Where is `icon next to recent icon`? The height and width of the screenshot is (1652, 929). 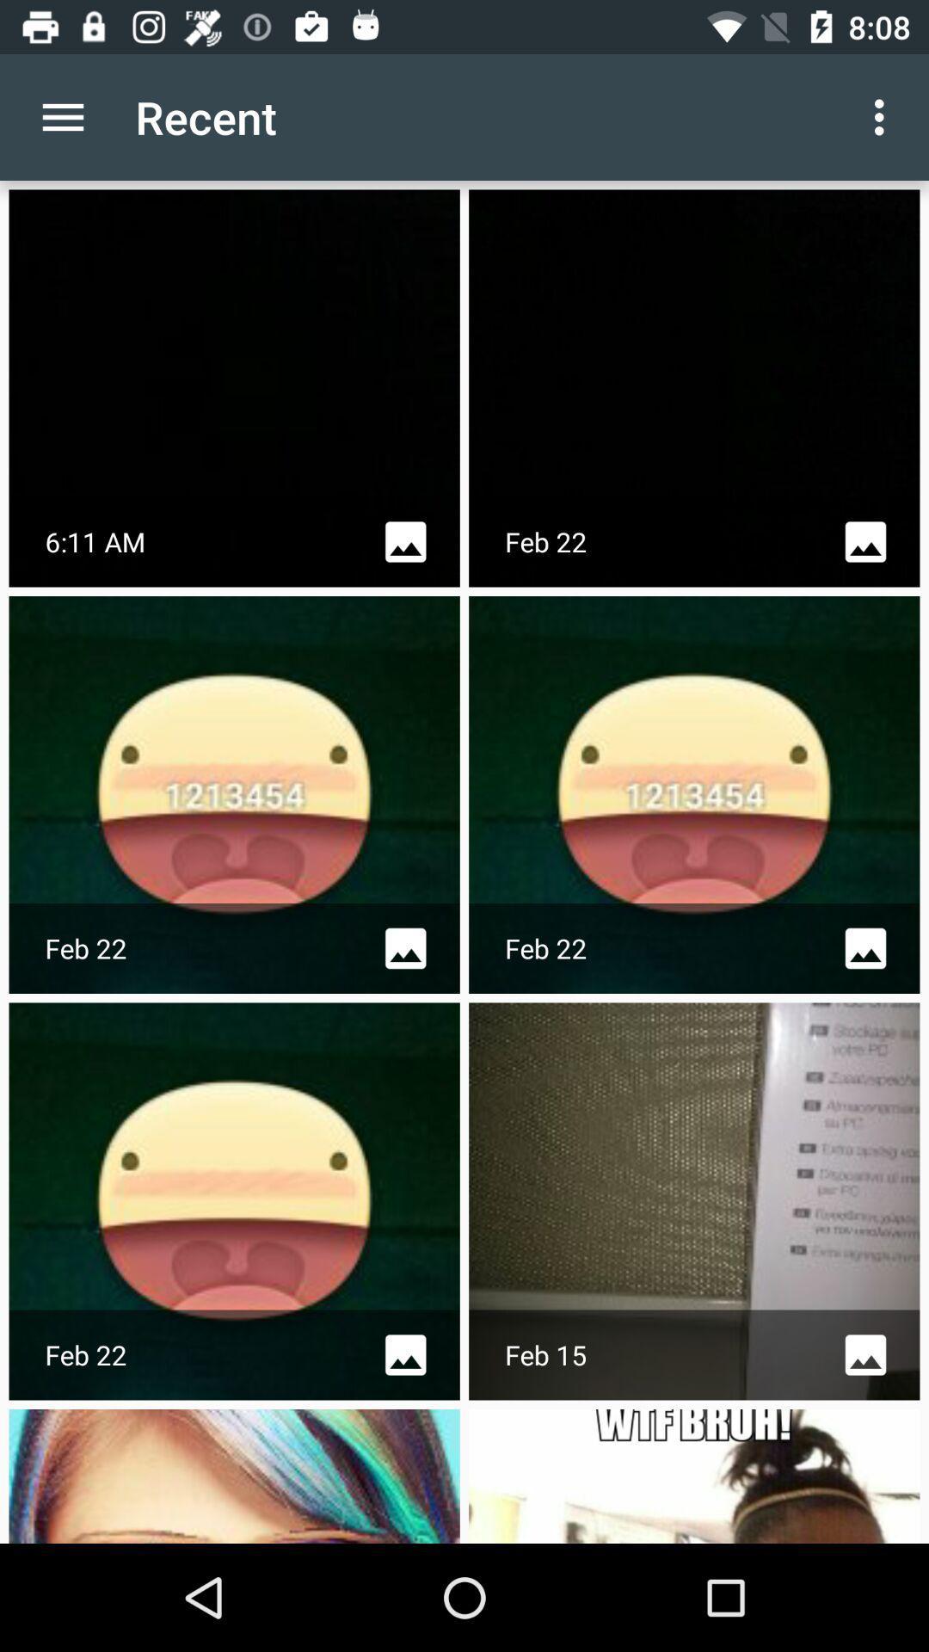
icon next to recent icon is located at coordinates (62, 116).